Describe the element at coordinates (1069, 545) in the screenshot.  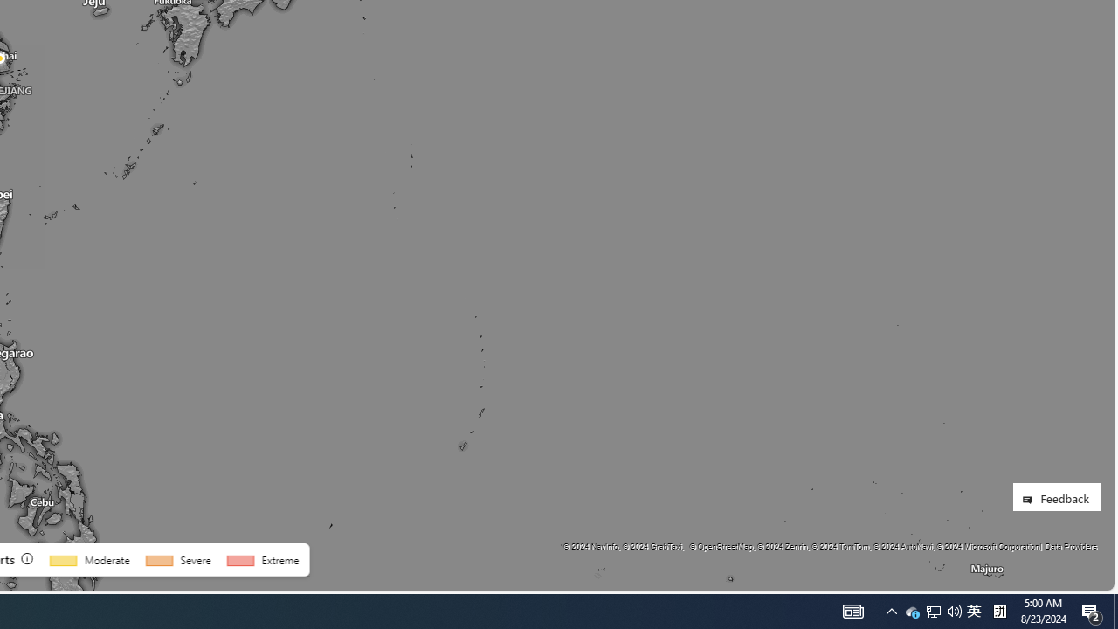
I see `'Data Providers'` at that location.